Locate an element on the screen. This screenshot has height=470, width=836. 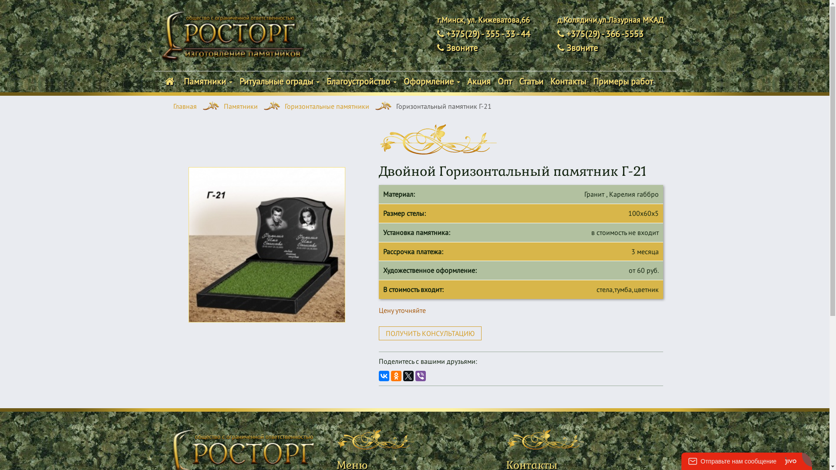
'Twitter' is located at coordinates (403, 376).